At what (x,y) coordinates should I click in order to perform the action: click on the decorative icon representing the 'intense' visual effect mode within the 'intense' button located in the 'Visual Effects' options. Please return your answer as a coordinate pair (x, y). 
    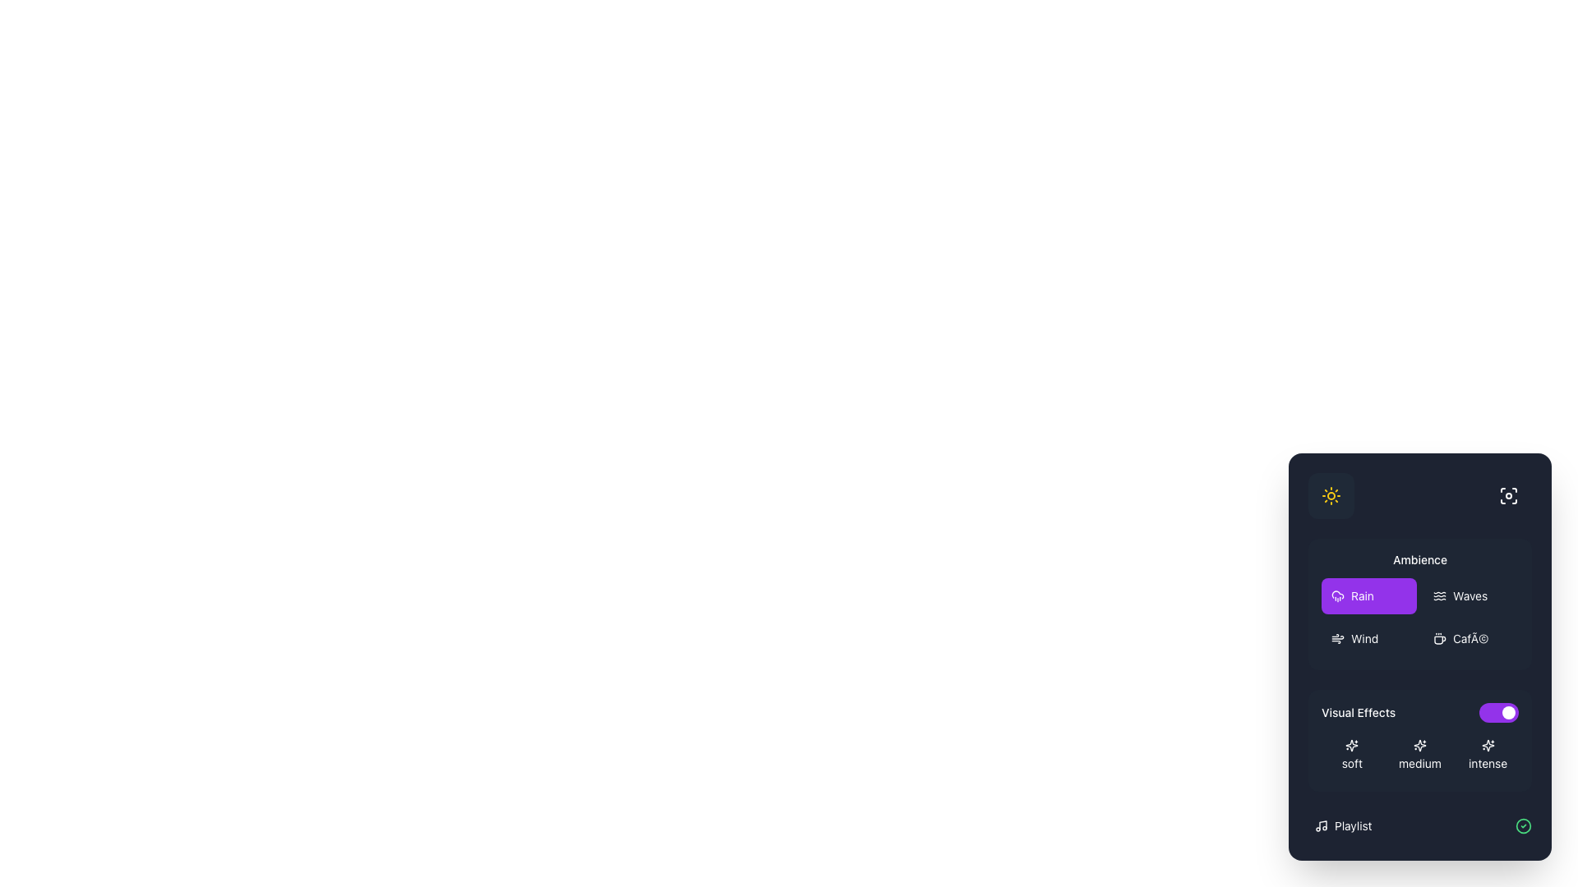
    Looking at the image, I should click on (1488, 745).